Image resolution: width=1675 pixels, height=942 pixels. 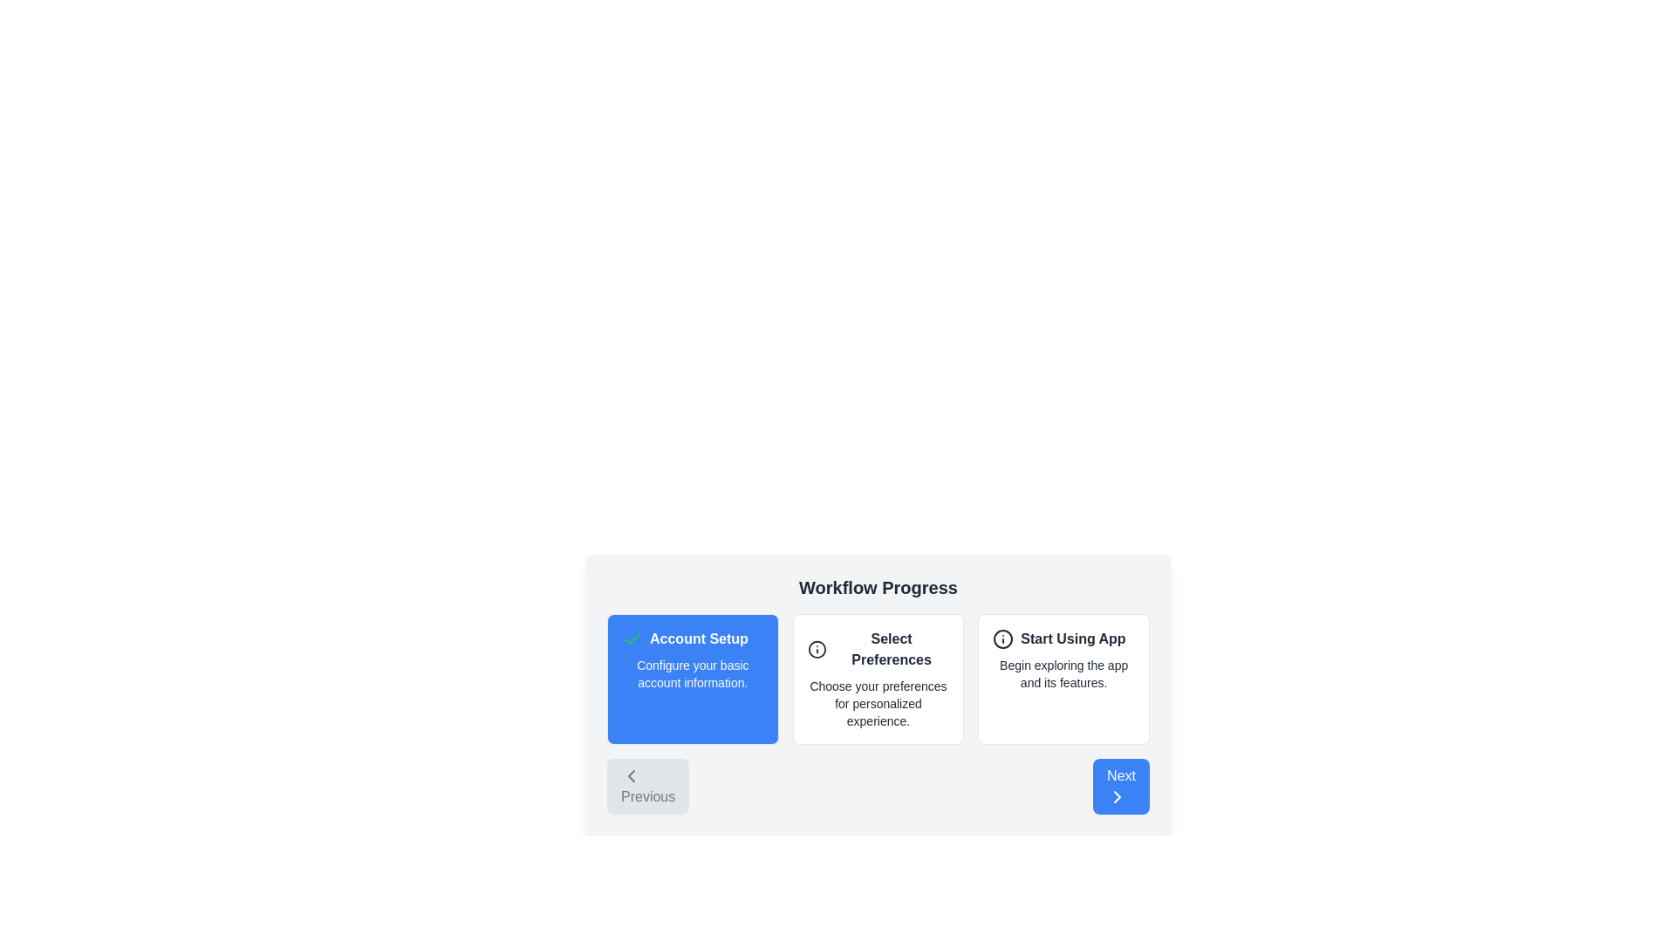 What do you see at coordinates (892, 649) in the screenshot?
I see `the 'Select Preferences' text label element, which is part of a multi-step workflow interface and is the second card in a row of three` at bounding box center [892, 649].